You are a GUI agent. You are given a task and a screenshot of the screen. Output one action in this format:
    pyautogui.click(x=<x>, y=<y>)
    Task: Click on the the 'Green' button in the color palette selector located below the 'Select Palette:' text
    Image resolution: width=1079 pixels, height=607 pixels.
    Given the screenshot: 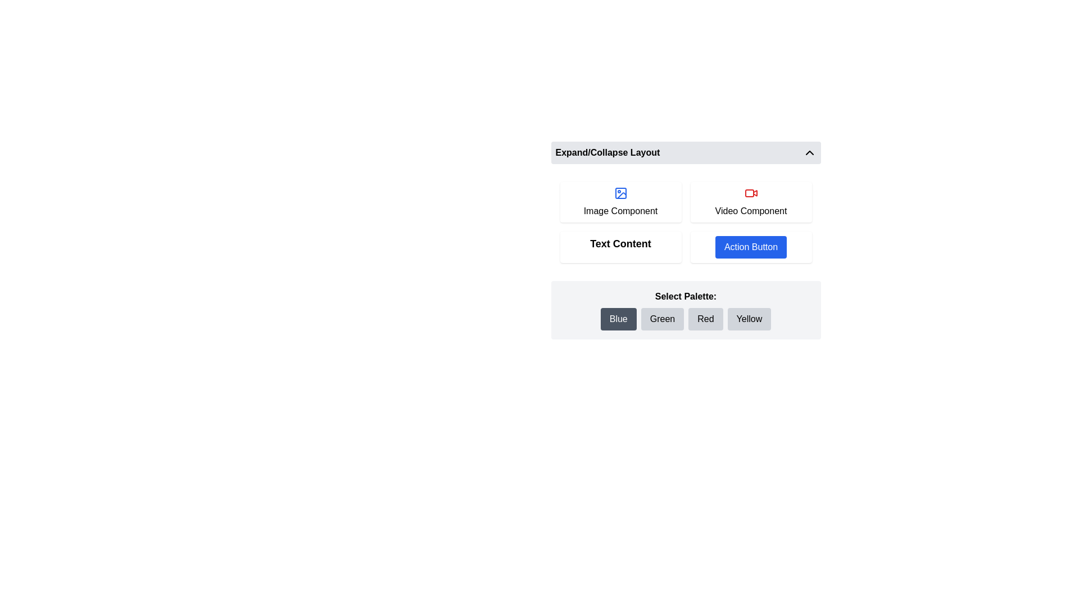 What is the action you would take?
    pyautogui.click(x=685, y=319)
    